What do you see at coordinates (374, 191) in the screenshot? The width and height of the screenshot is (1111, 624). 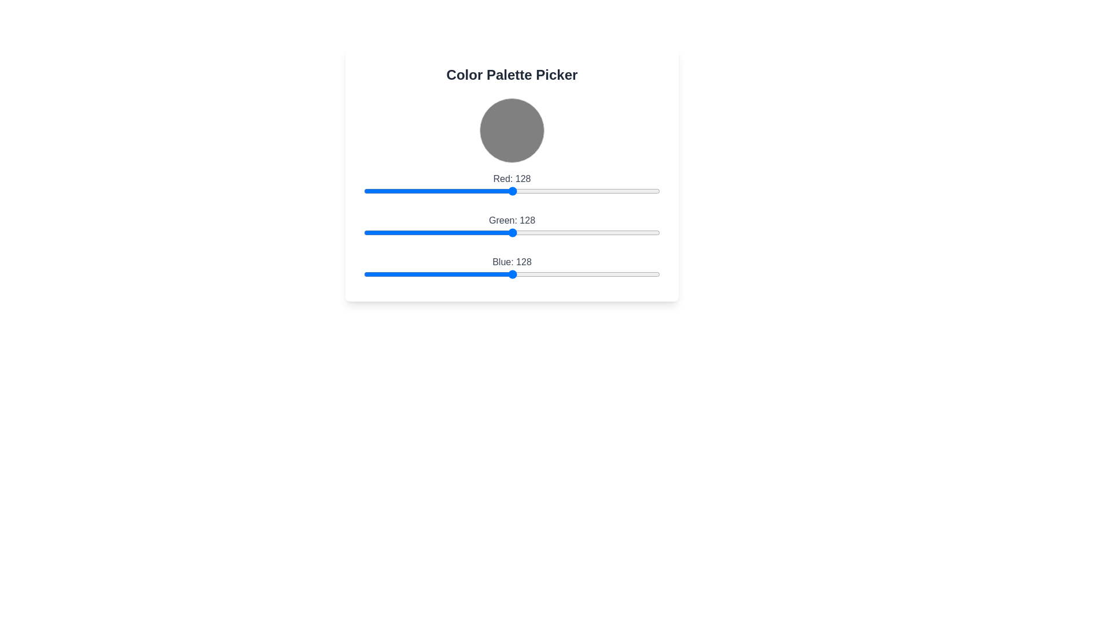 I see `the red color component` at bounding box center [374, 191].